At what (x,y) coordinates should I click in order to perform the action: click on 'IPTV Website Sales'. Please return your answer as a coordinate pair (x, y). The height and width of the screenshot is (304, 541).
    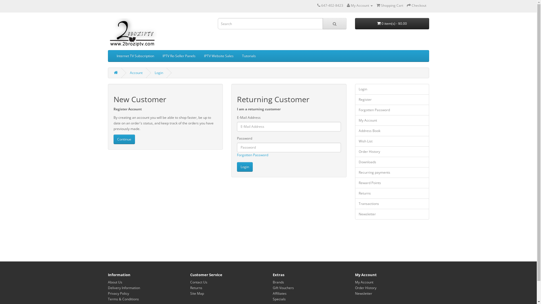
    Looking at the image, I should click on (218, 56).